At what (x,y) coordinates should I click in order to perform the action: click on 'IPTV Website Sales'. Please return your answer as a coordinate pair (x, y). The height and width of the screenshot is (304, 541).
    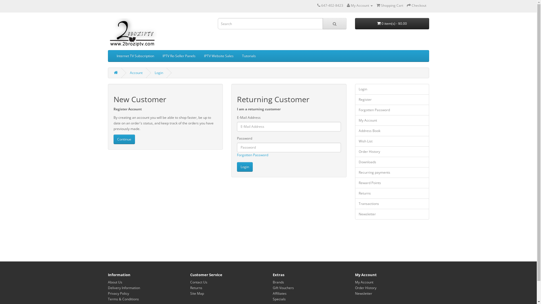
    Looking at the image, I should click on (218, 56).